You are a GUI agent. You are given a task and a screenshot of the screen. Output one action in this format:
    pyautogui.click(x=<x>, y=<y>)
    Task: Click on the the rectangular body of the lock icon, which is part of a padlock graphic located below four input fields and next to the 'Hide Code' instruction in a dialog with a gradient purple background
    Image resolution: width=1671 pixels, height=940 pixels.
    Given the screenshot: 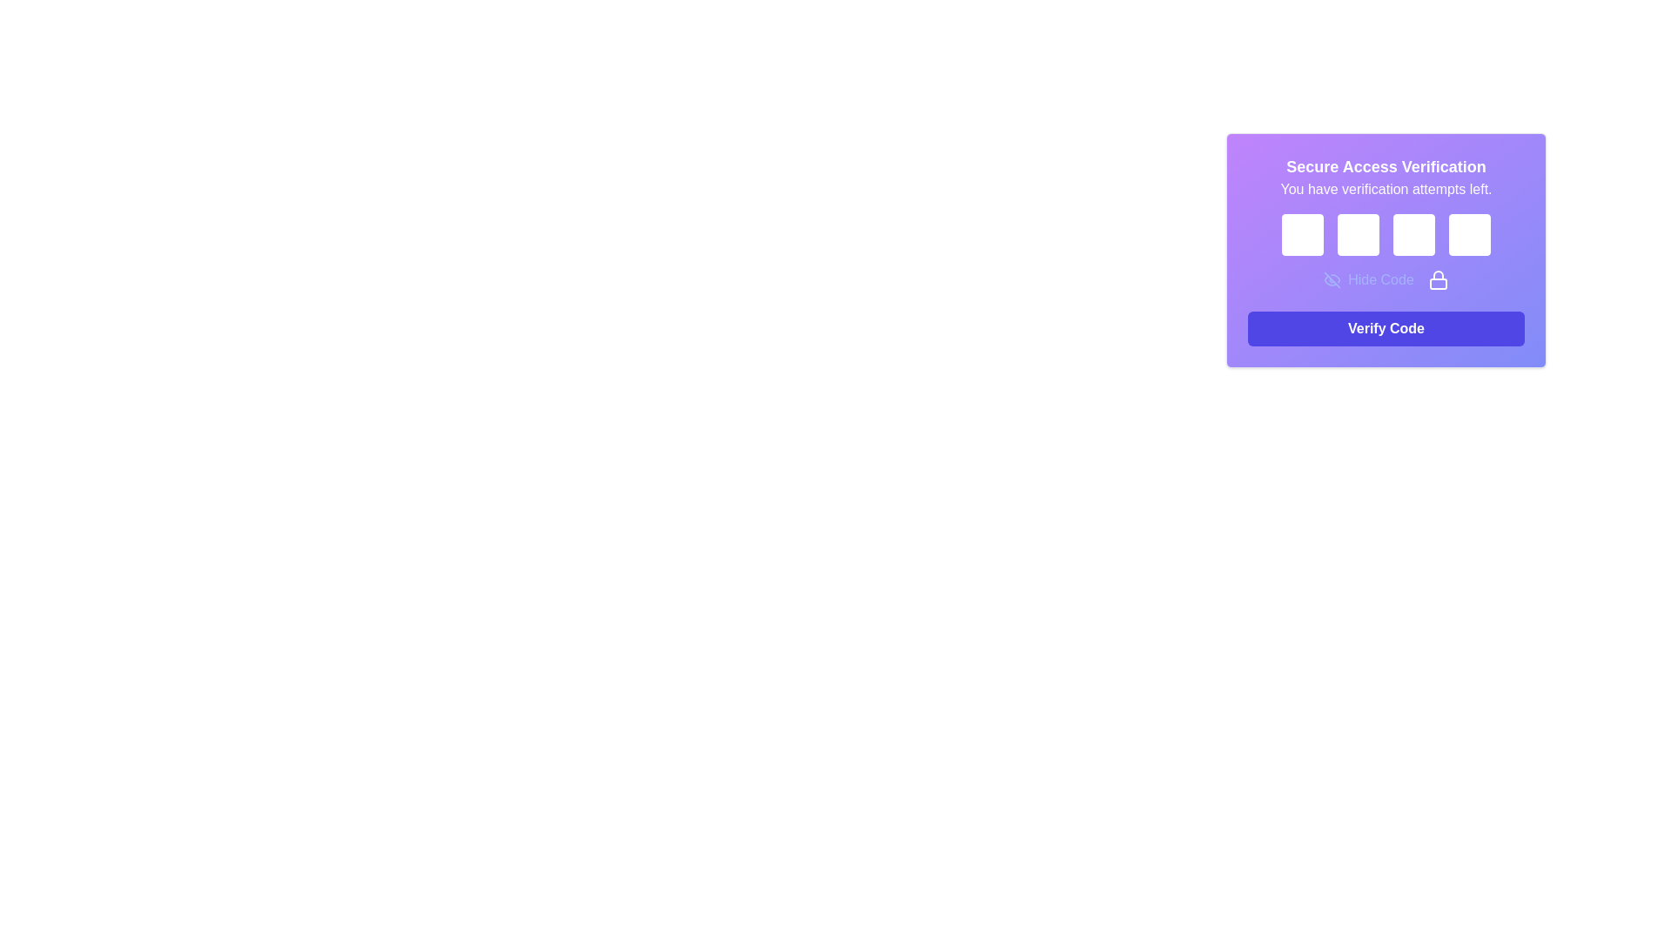 What is the action you would take?
    pyautogui.click(x=1438, y=283)
    